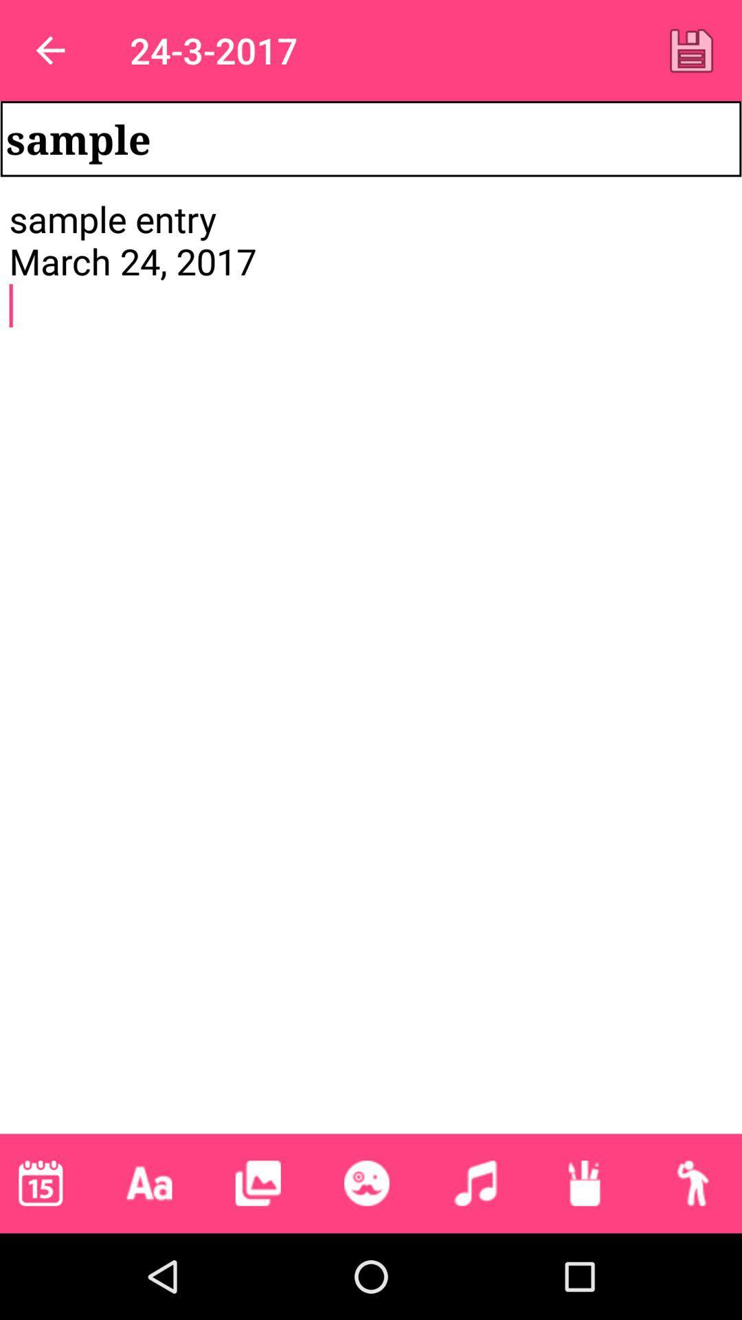 Image resolution: width=742 pixels, height=1320 pixels. What do you see at coordinates (150, 1182) in the screenshot?
I see `the text aa in the last line` at bounding box center [150, 1182].